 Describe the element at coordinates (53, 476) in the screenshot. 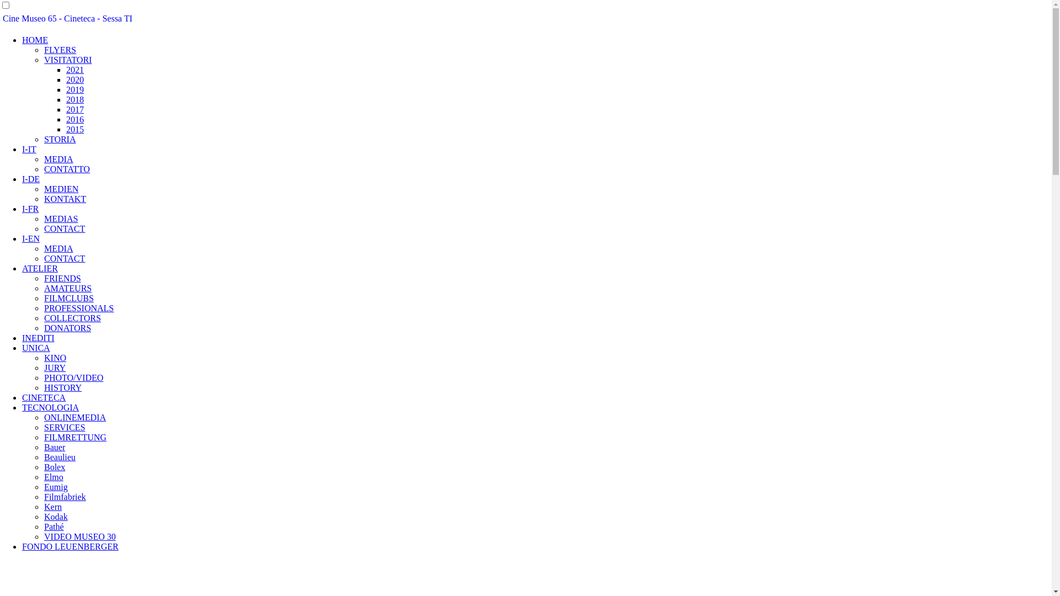

I see `'Elmo'` at that location.